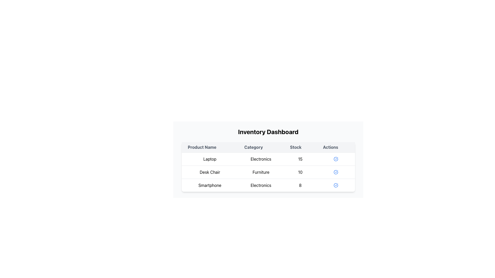  What do you see at coordinates (210, 159) in the screenshot?
I see `the Text Label displaying 'Laptop', which is the first item in the 'Product Name' row of the table` at bounding box center [210, 159].